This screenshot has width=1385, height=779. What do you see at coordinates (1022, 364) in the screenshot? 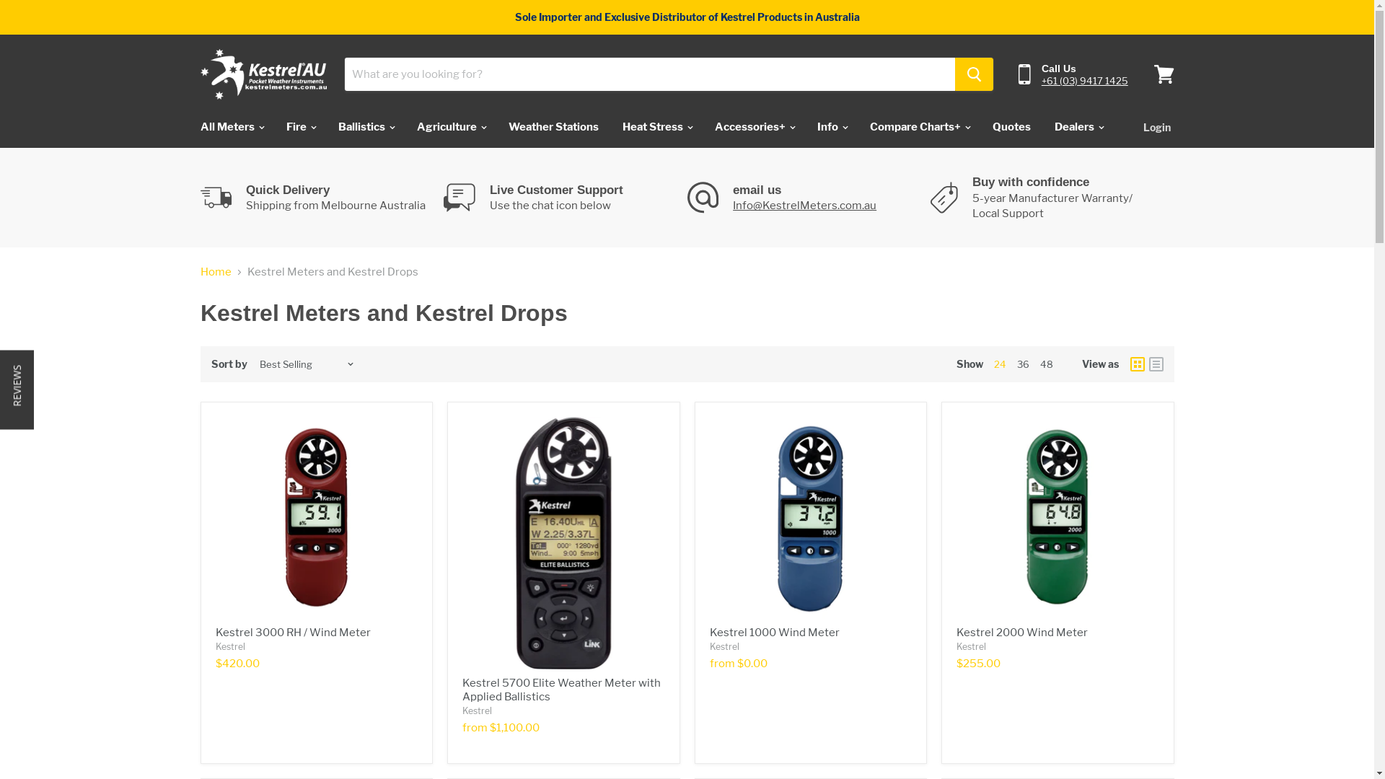
I see `'36'` at bounding box center [1022, 364].